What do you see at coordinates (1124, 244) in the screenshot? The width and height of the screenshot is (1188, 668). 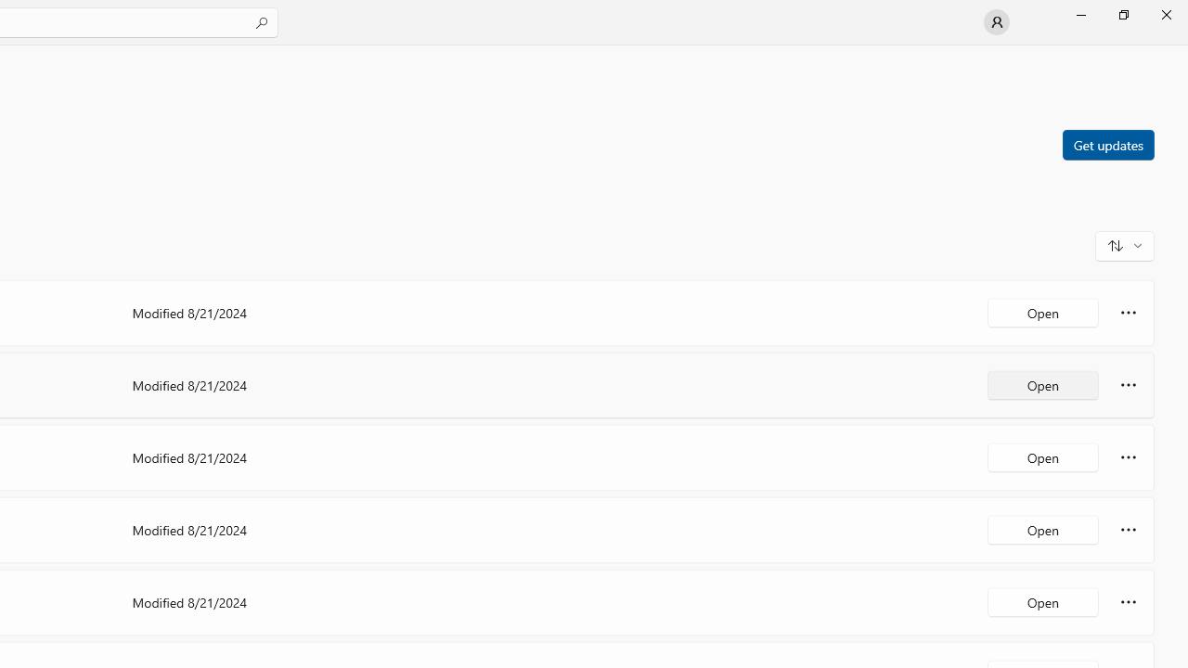 I see `'Sort and filter'` at bounding box center [1124, 244].